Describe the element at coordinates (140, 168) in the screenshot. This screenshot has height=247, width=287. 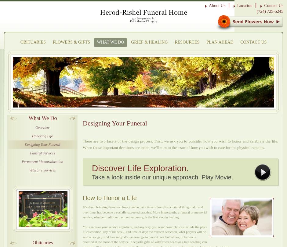
I see `'Discover Life Exploration.'` at that location.